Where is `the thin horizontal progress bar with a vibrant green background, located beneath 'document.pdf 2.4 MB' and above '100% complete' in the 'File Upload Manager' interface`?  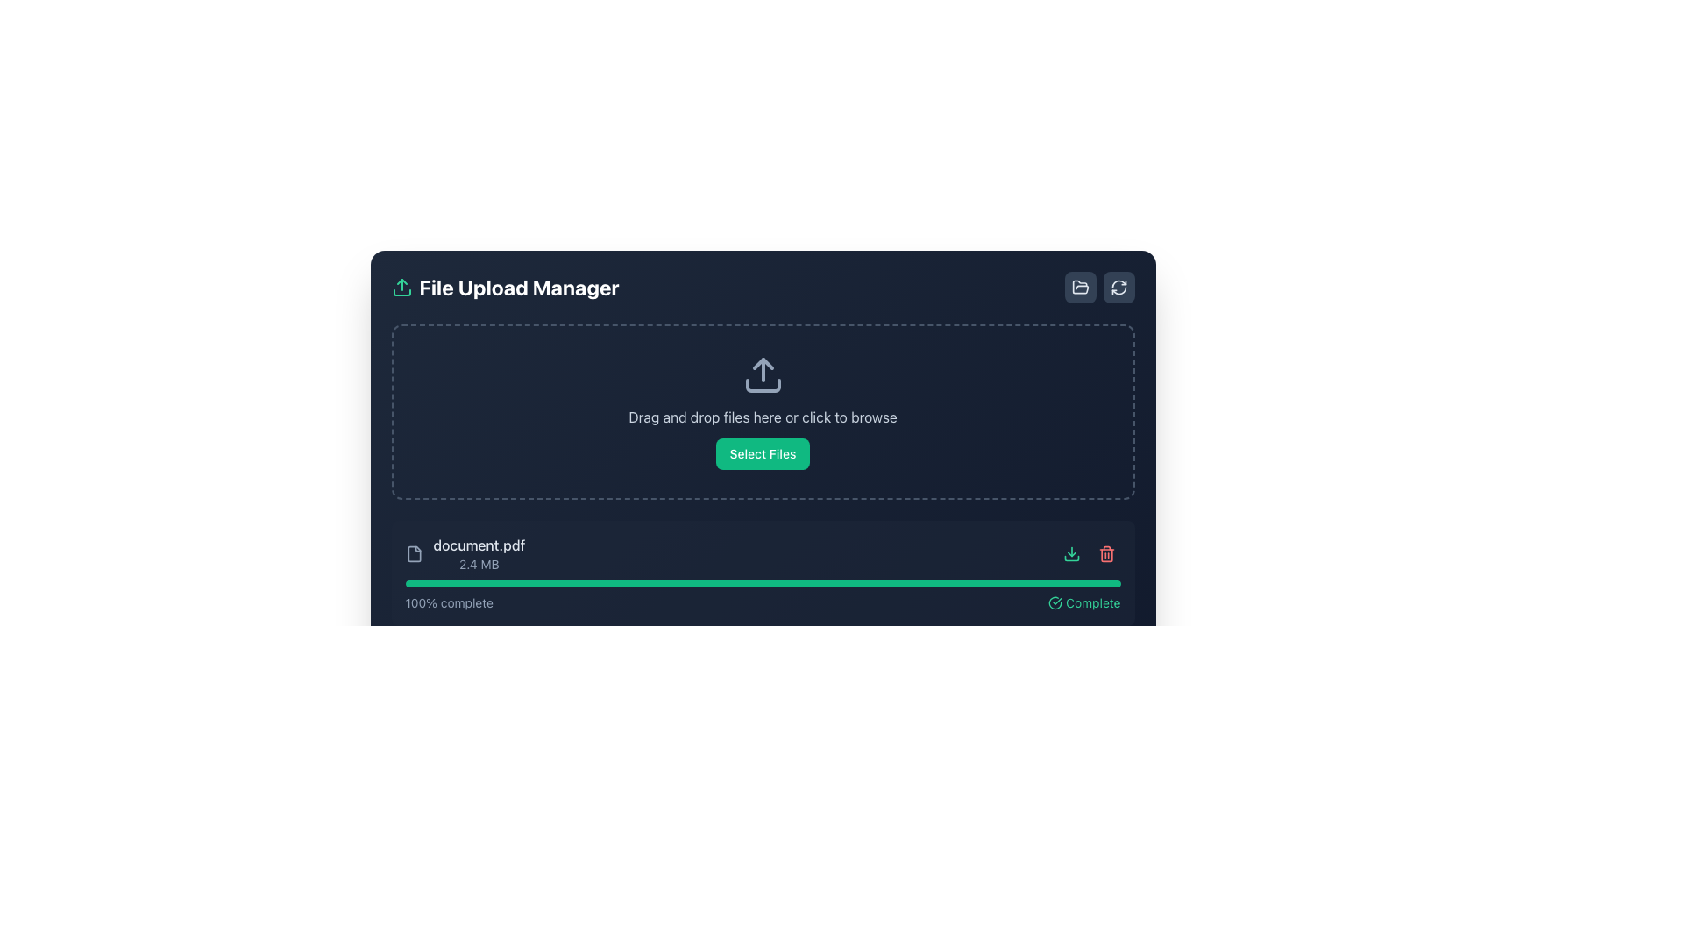 the thin horizontal progress bar with a vibrant green background, located beneath 'document.pdf 2.4 MB' and above '100% complete' in the 'File Upload Manager' interface is located at coordinates (763, 584).